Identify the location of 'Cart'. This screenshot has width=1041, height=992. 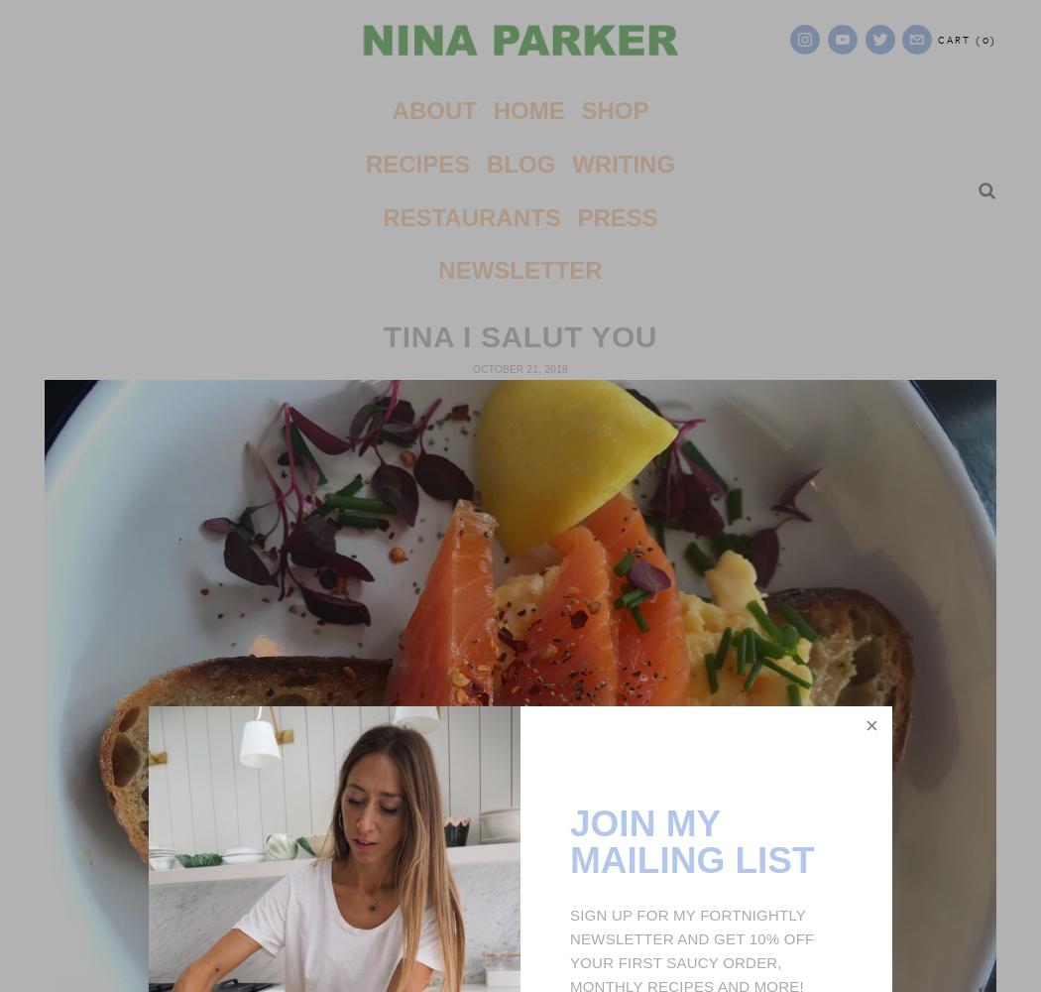
(953, 39).